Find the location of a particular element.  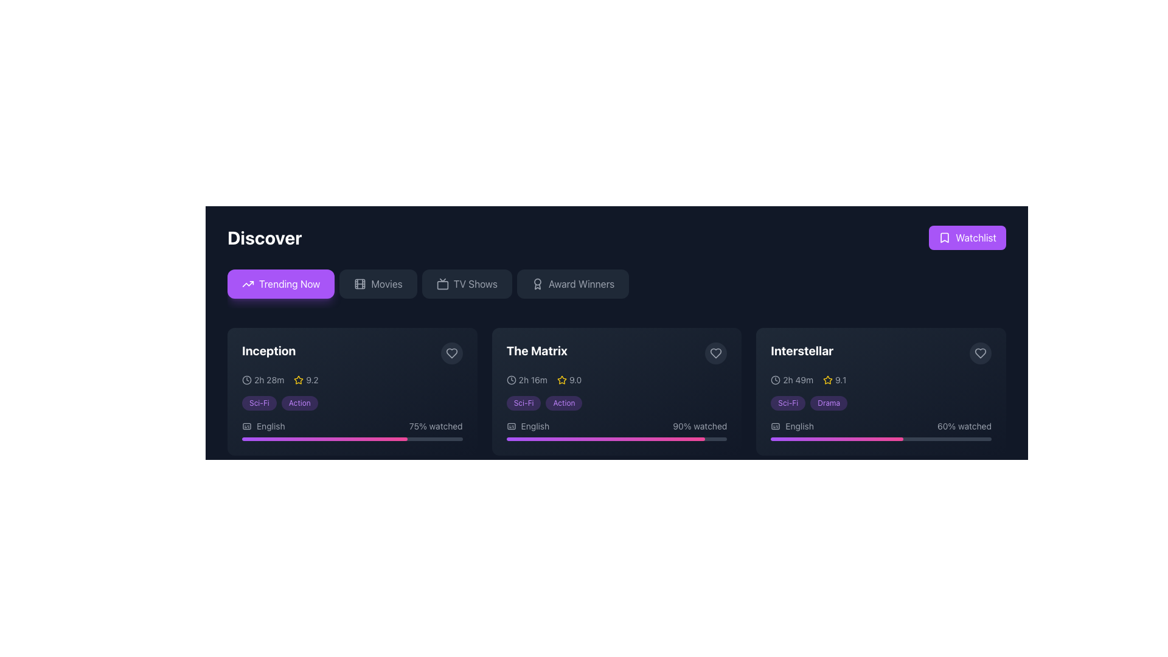

the text label displaying the numeric value '9.1', which is positioned to the right of the yellow star icon in the detailed information section for the movie 'Interstellar' is located at coordinates (840, 379).